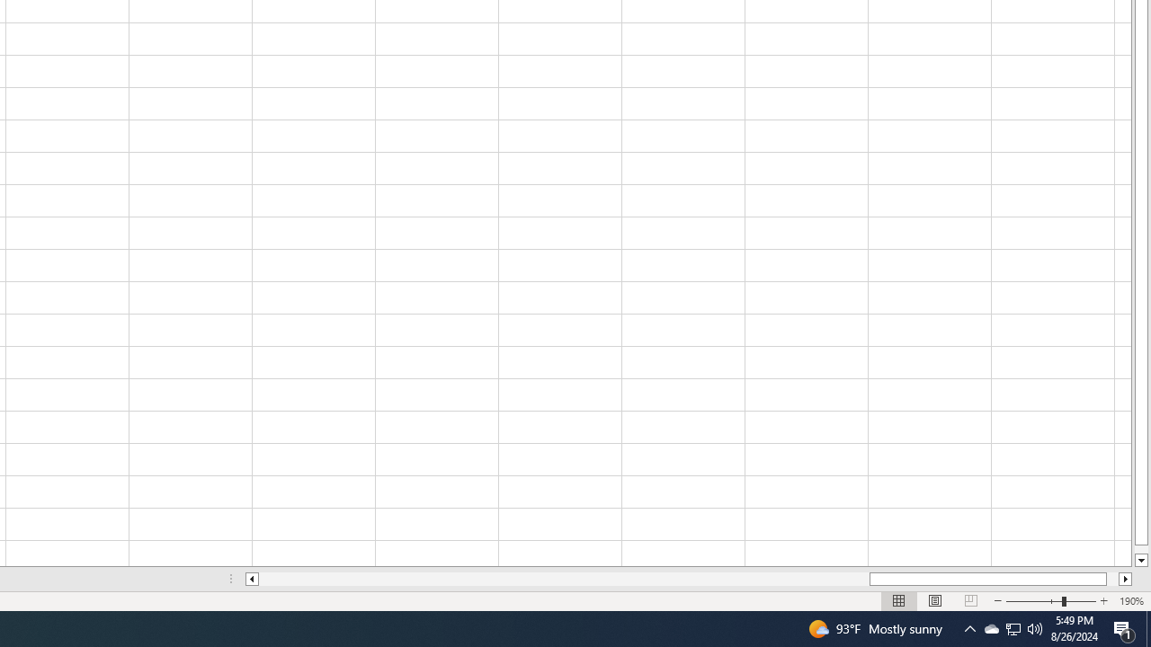 This screenshot has width=1151, height=647. Describe the element at coordinates (1034, 601) in the screenshot. I see `'Zoom Out'` at that location.